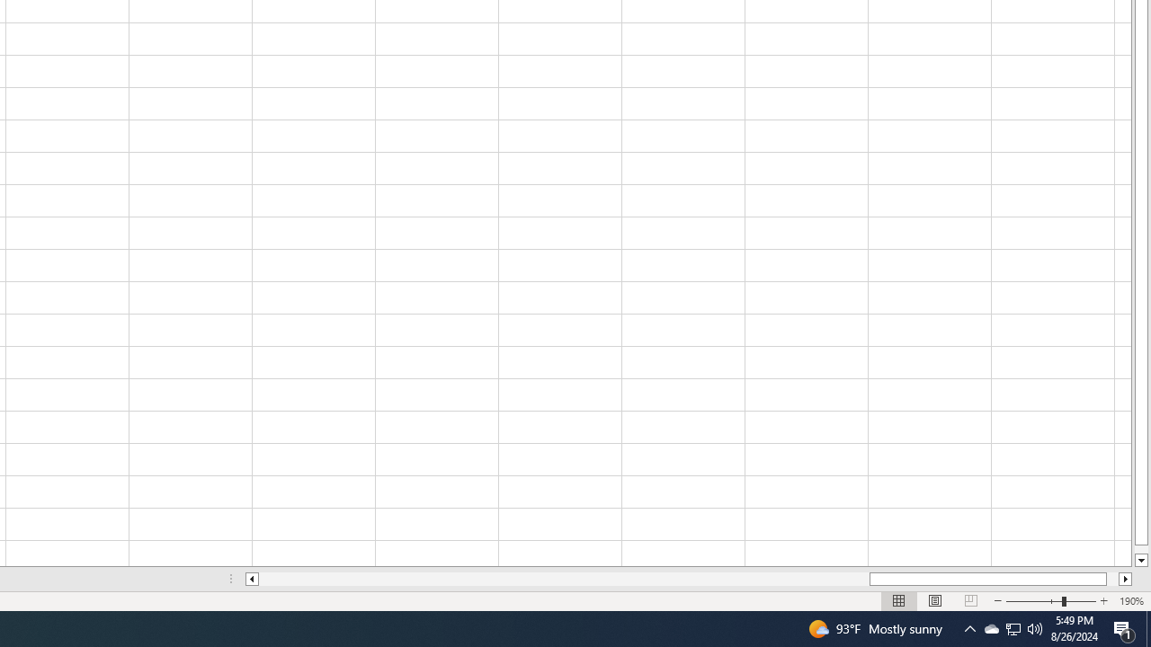 This screenshot has width=1151, height=647. Describe the element at coordinates (1034, 601) in the screenshot. I see `'Zoom Out'` at that location.